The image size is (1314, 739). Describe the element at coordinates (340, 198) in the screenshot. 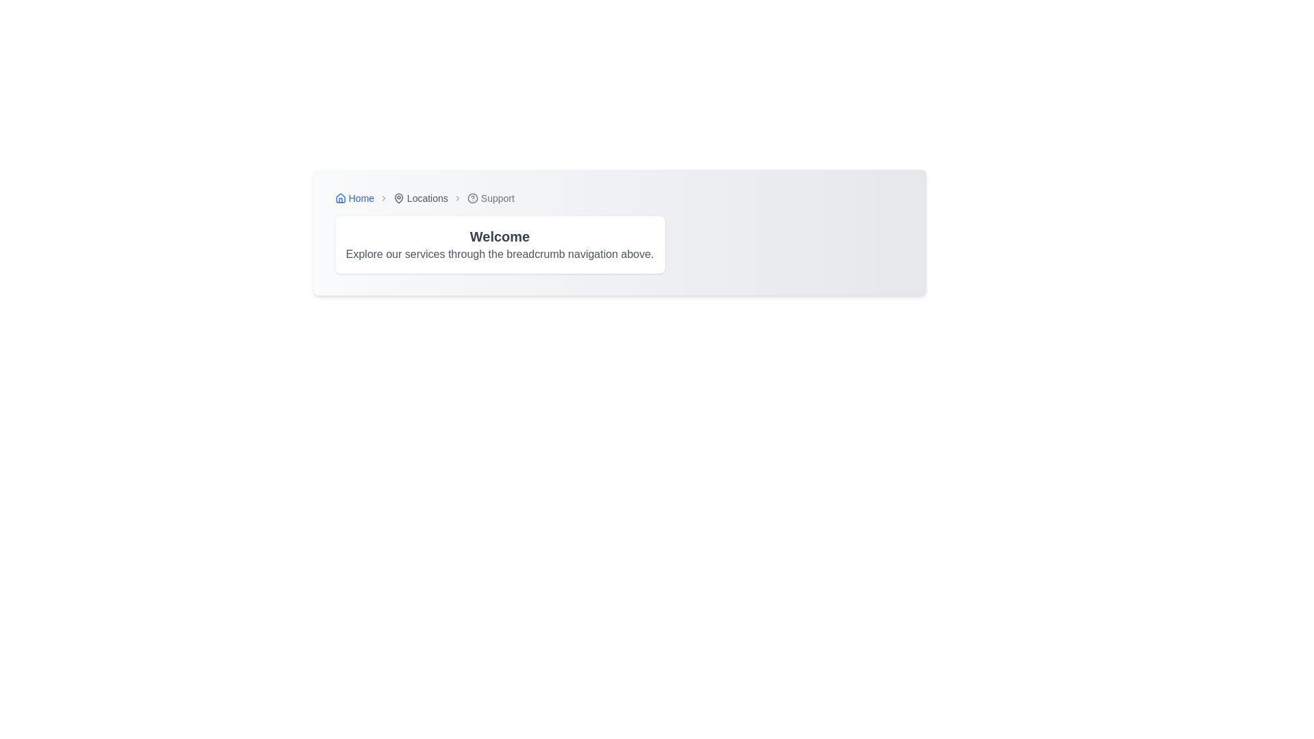

I see `the house-shaped icon rendered in blue, located next to the 'Home' text in the breadcrumb navigation bar at the top-left corner of the interface` at that location.